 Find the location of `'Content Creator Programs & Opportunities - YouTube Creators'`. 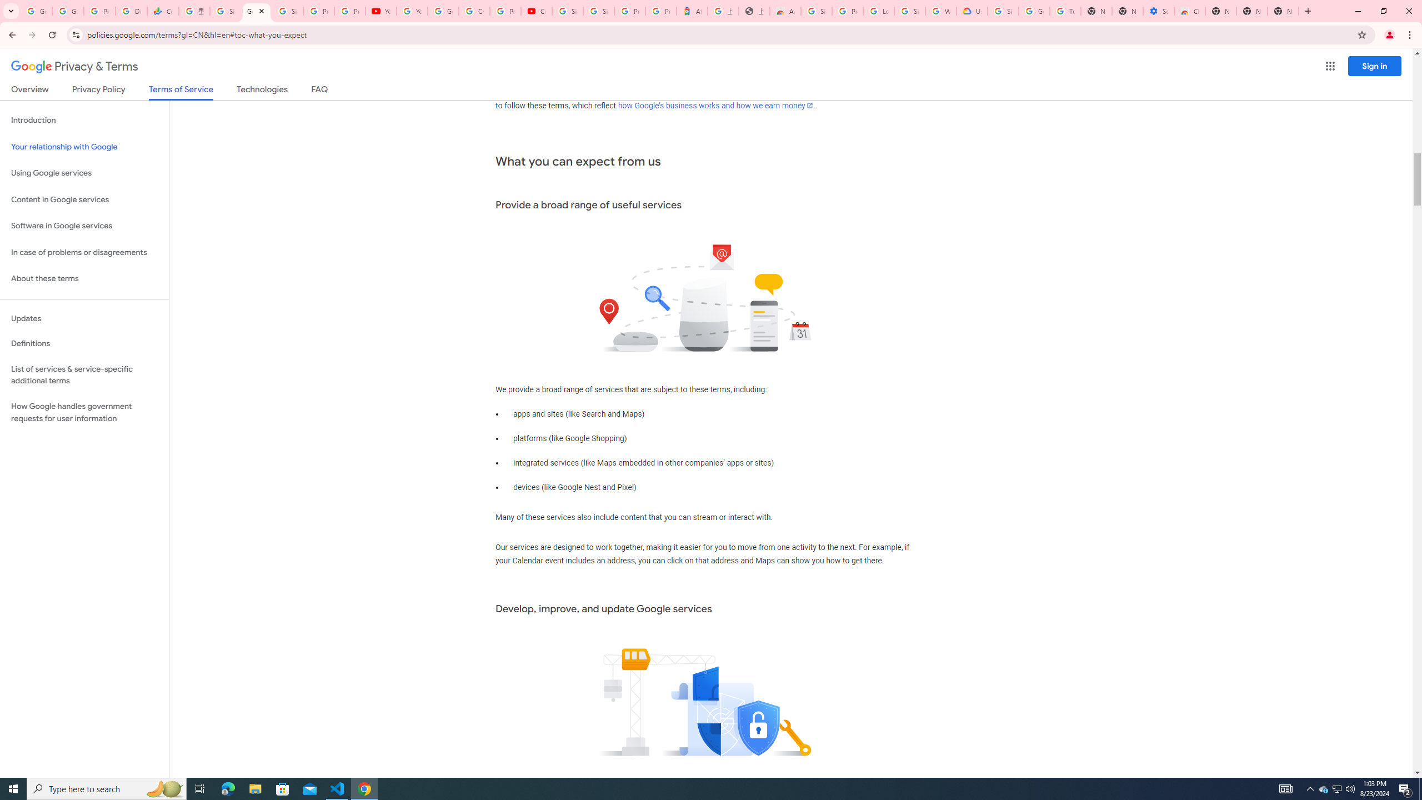

'Content Creator Programs & Opportunities - YouTube Creators' is located at coordinates (537, 11).